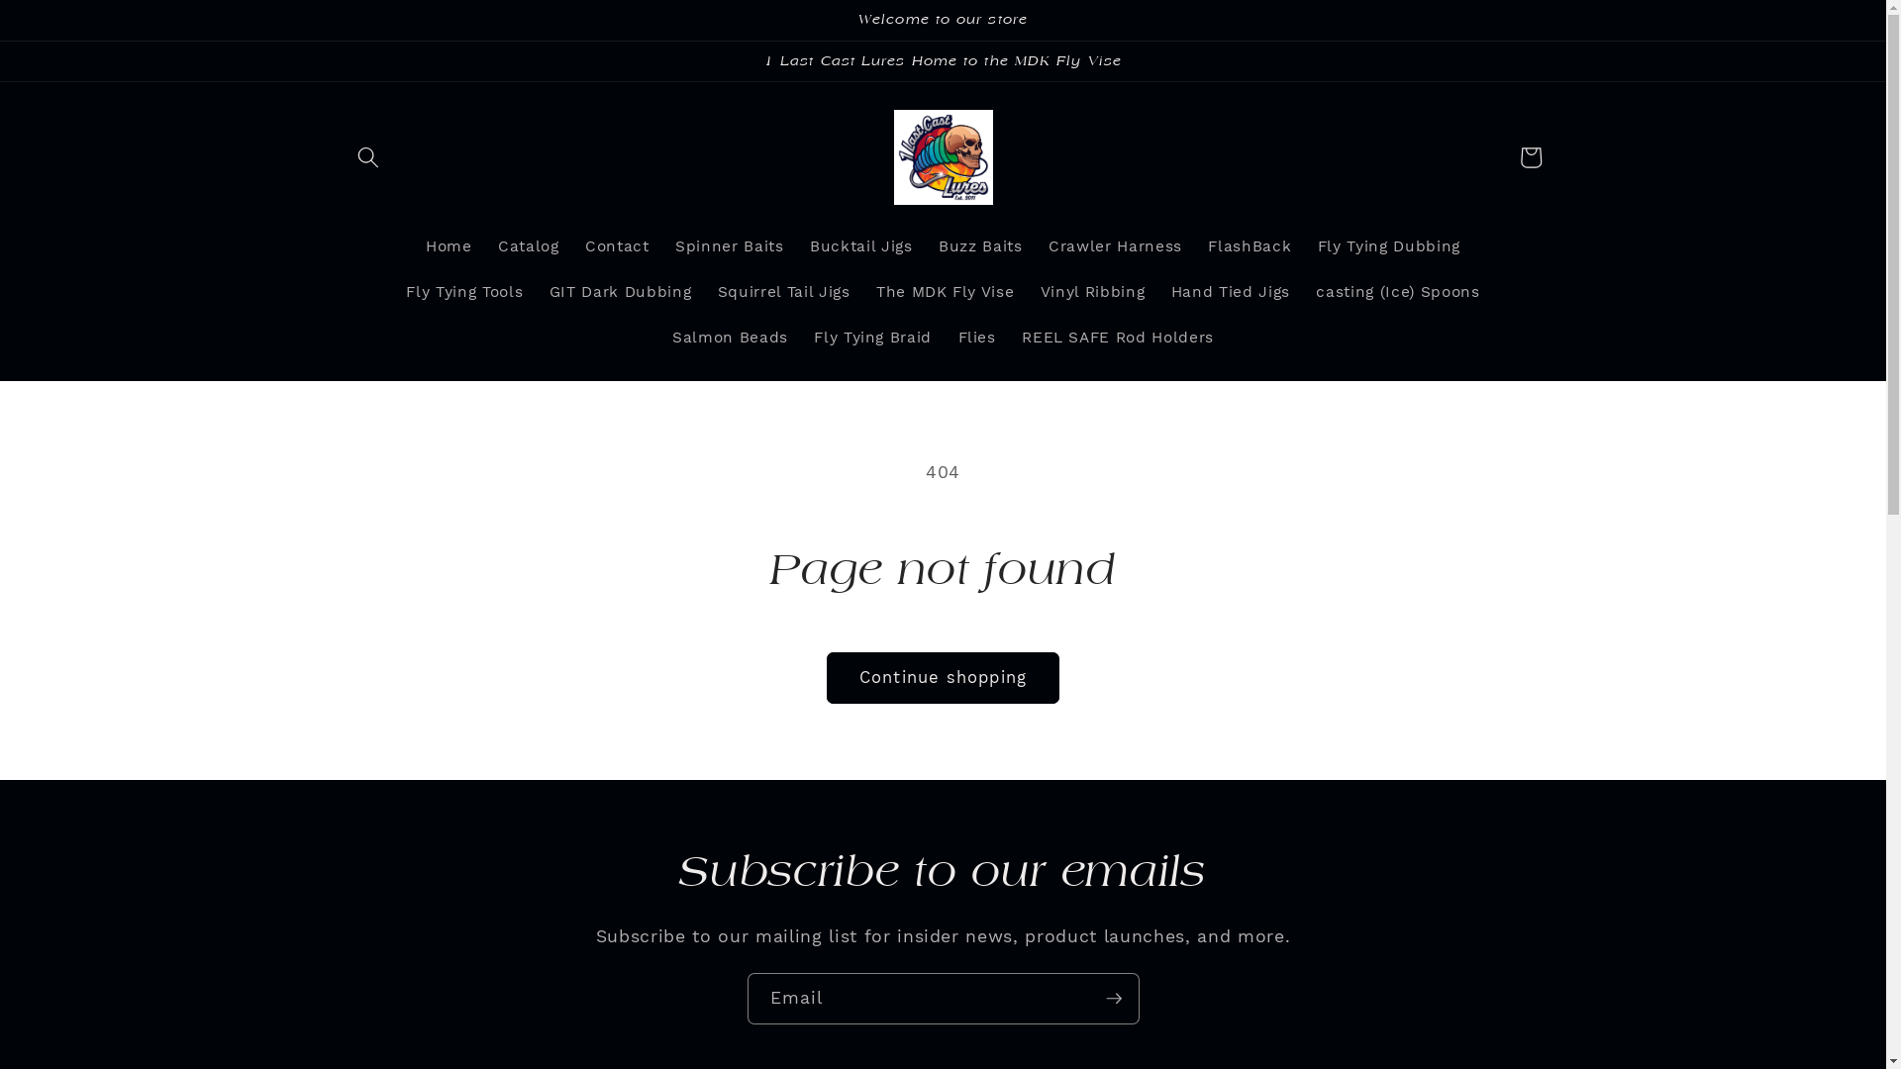 This screenshot has height=1069, width=1901. What do you see at coordinates (1302, 293) in the screenshot?
I see `'casting (Ice) Spoons'` at bounding box center [1302, 293].